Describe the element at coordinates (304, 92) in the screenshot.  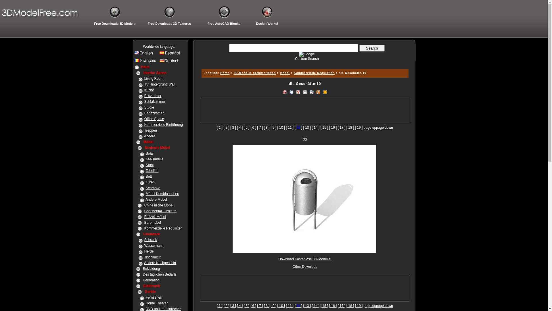
I see `'Digg This!'` at that location.